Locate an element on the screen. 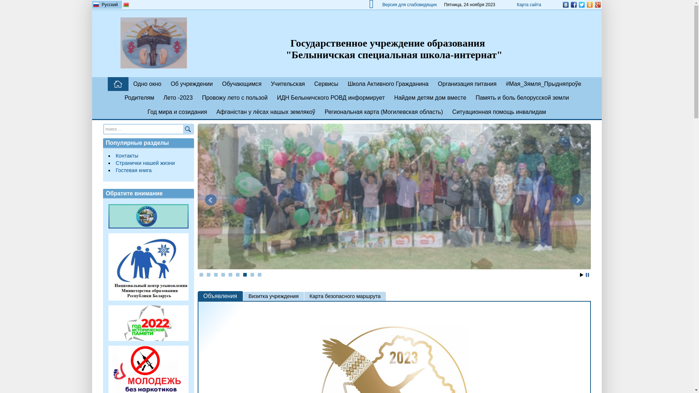 This screenshot has width=699, height=393. '1' is located at coordinates (201, 275).